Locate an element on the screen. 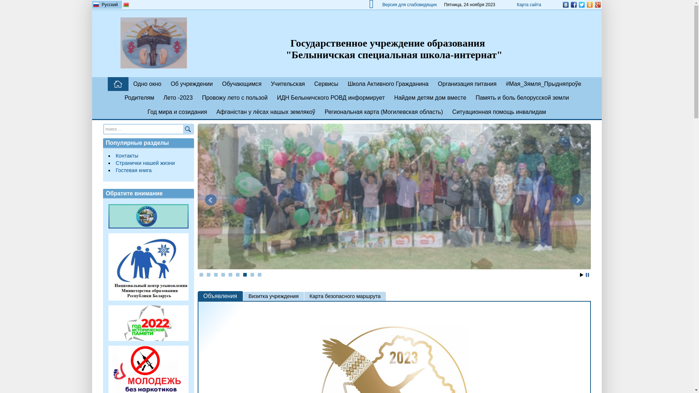 This screenshot has width=699, height=393. '1' is located at coordinates (201, 275).